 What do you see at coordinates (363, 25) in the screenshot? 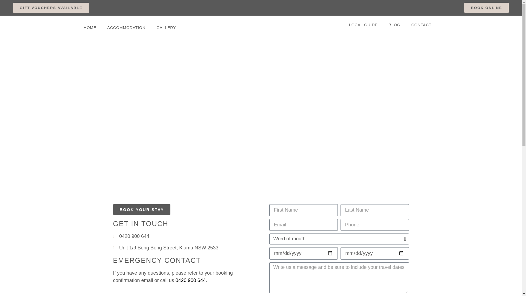
I see `'LOCAL GUIDE'` at bounding box center [363, 25].